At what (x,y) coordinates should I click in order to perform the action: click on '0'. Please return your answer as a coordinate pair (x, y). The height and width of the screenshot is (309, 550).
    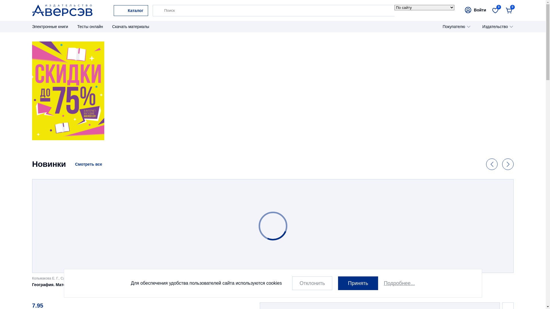
    Looking at the image, I should click on (495, 10).